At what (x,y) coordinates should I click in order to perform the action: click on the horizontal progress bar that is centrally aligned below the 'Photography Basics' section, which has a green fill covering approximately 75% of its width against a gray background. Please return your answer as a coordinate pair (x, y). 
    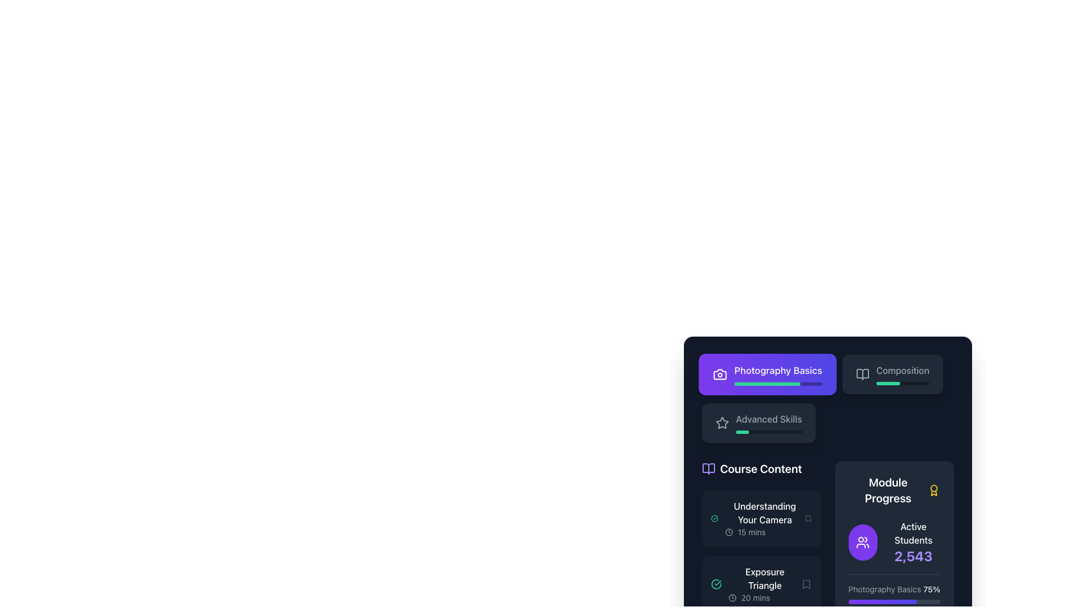
    Looking at the image, I should click on (767, 383).